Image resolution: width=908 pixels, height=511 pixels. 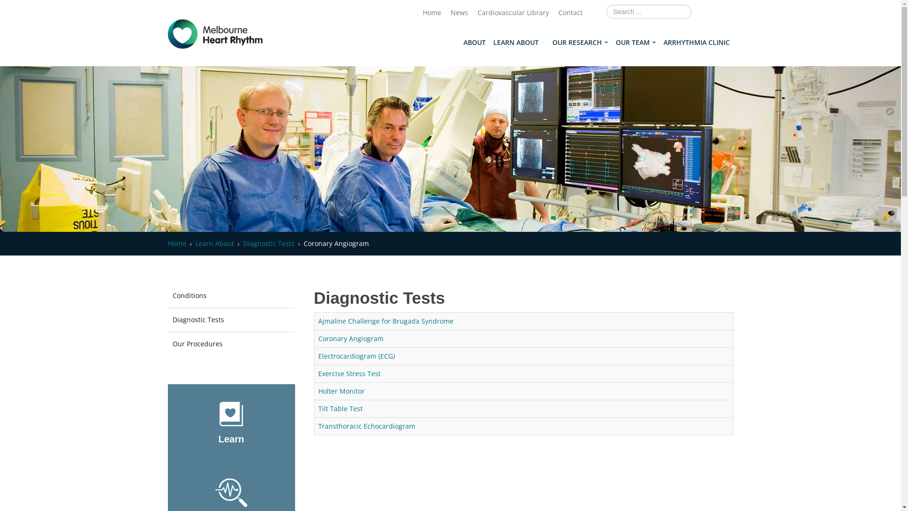 What do you see at coordinates (459, 42) in the screenshot?
I see `'ABOUT'` at bounding box center [459, 42].